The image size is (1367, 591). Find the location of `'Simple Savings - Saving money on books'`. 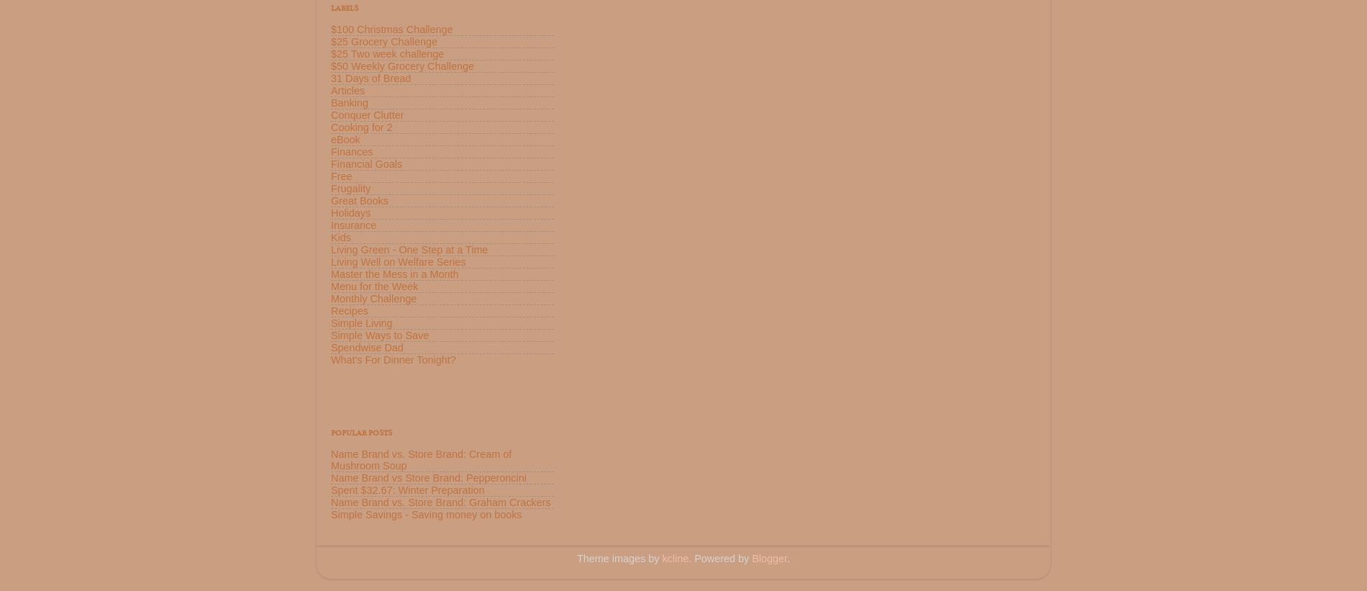

'Simple Savings - Saving money on books' is located at coordinates (426, 515).